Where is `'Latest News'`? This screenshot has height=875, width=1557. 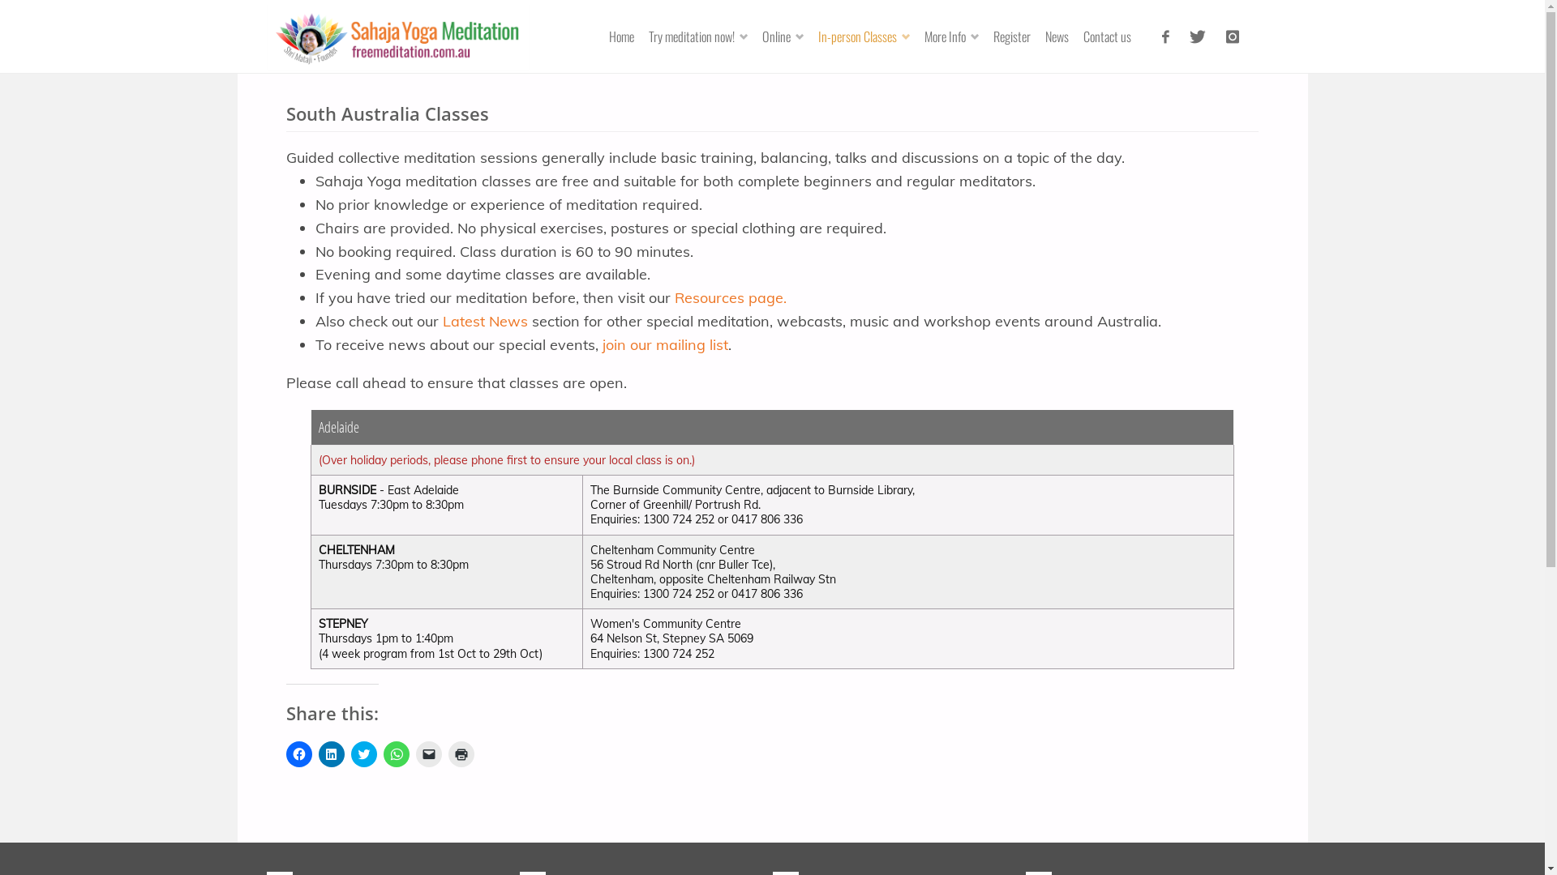 'Latest News' is located at coordinates (484, 321).